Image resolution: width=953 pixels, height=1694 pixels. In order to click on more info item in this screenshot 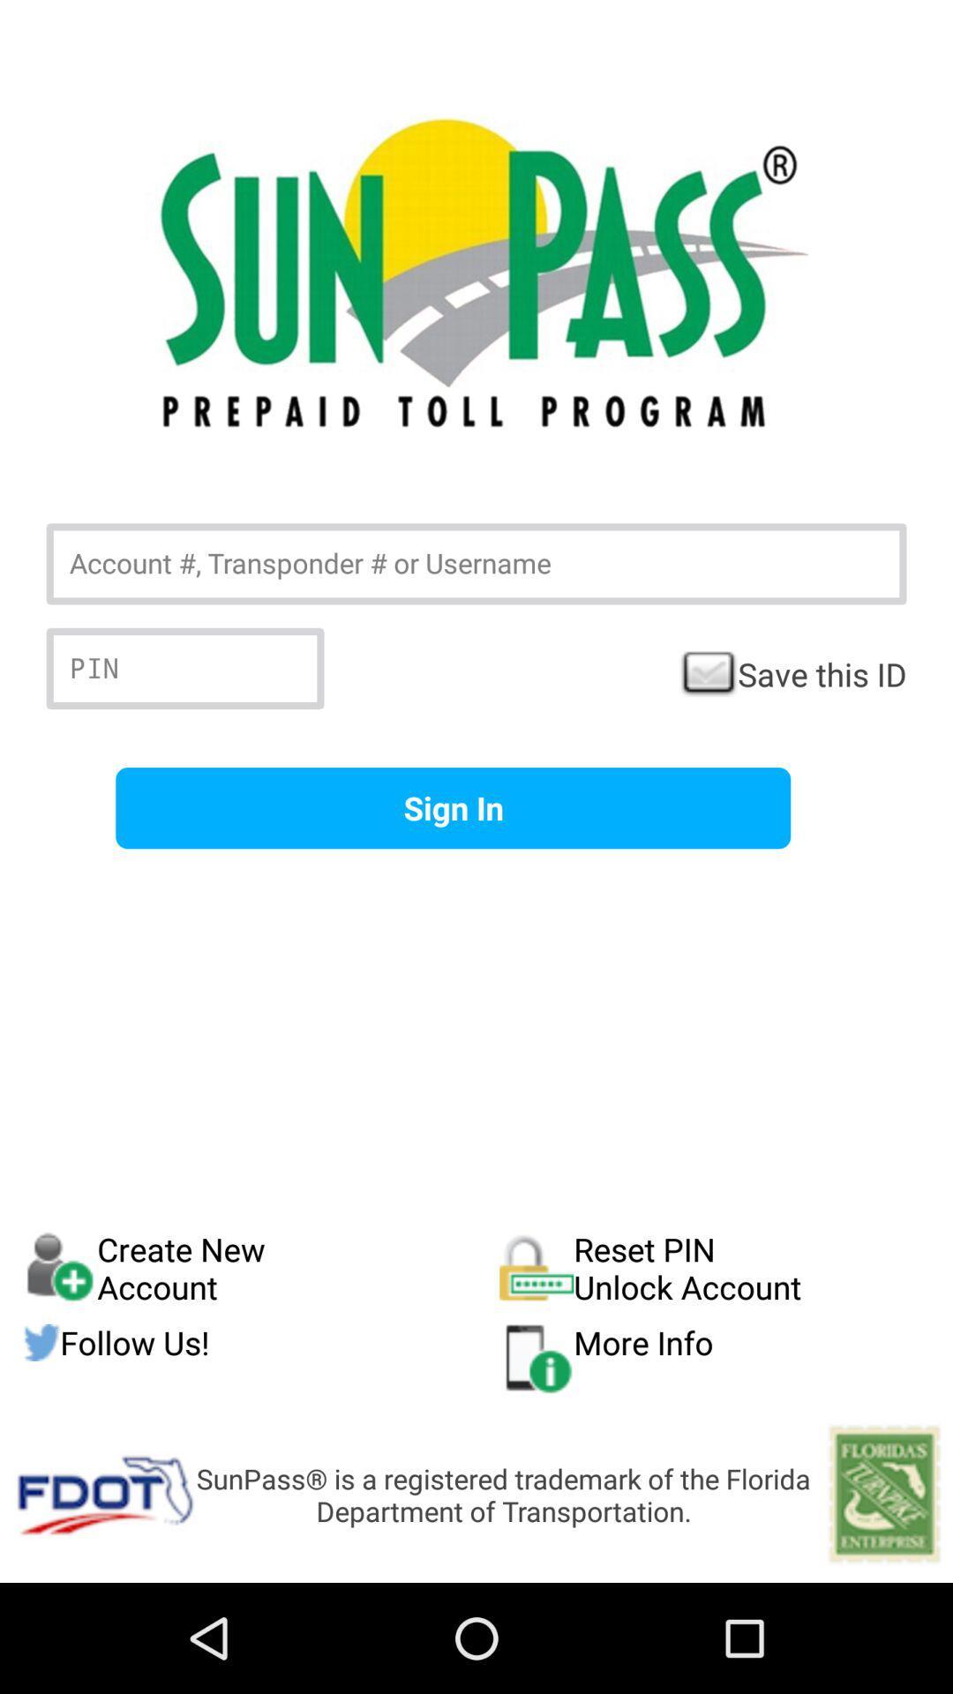, I will do `click(715, 1357)`.